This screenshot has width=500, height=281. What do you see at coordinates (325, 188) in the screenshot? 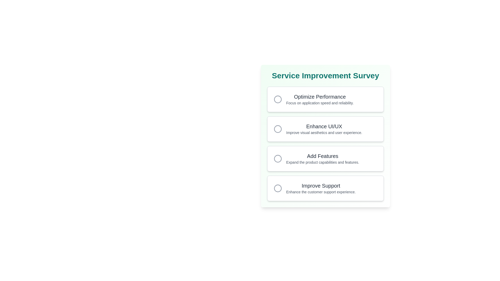
I see `the Selectable Card titled 'Improve Support'` at bounding box center [325, 188].